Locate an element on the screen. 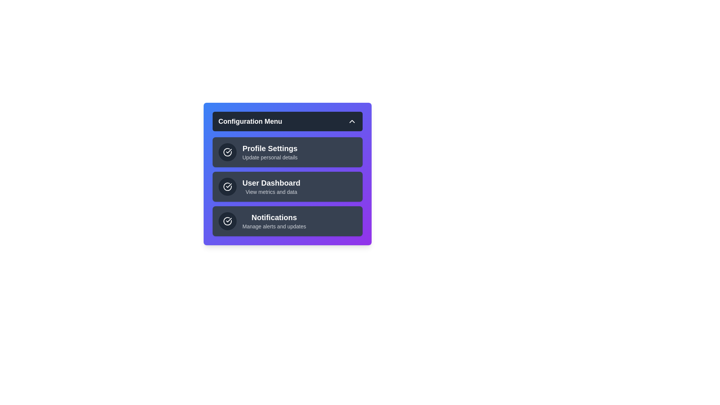 The image size is (720, 405). the icon next to Notifications is located at coordinates (227, 221).